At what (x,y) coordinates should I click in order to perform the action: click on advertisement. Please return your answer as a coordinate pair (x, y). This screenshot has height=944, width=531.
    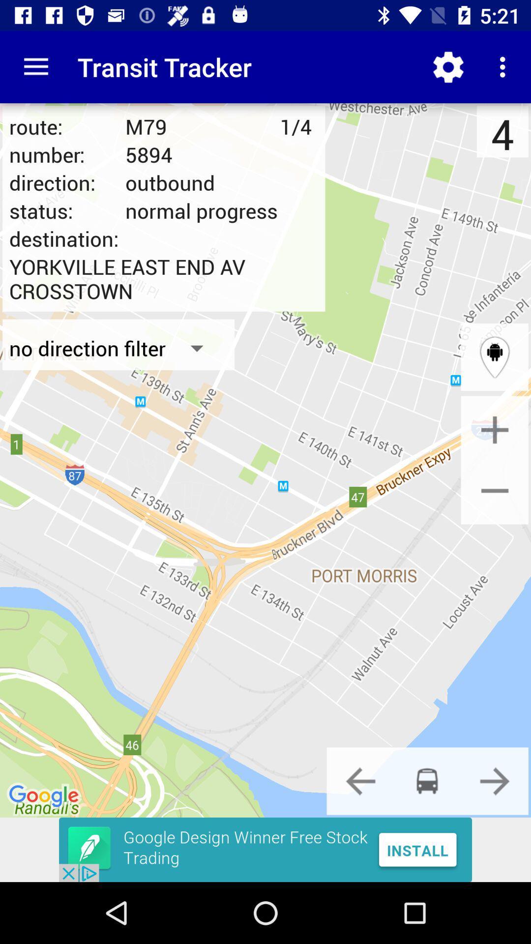
    Looking at the image, I should click on (265, 849).